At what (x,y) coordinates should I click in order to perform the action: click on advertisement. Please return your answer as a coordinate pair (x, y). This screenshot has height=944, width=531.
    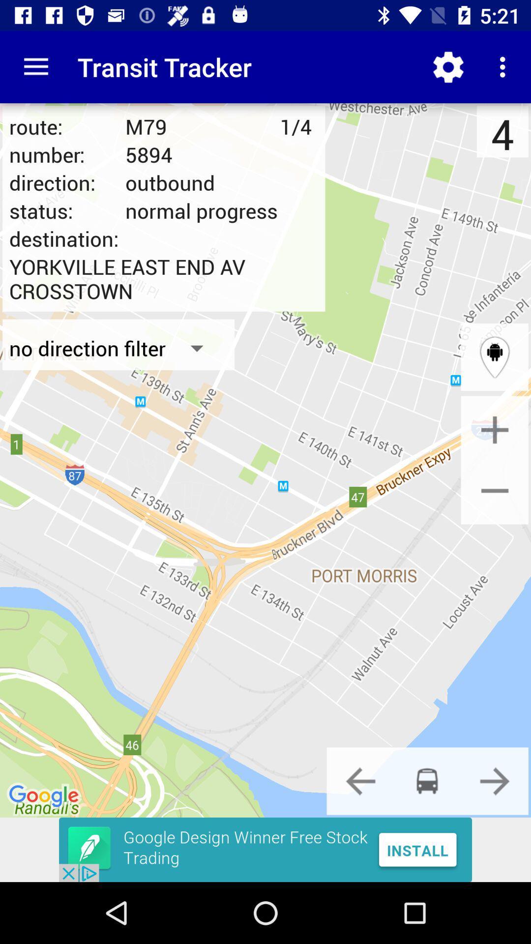
    Looking at the image, I should click on (265, 849).